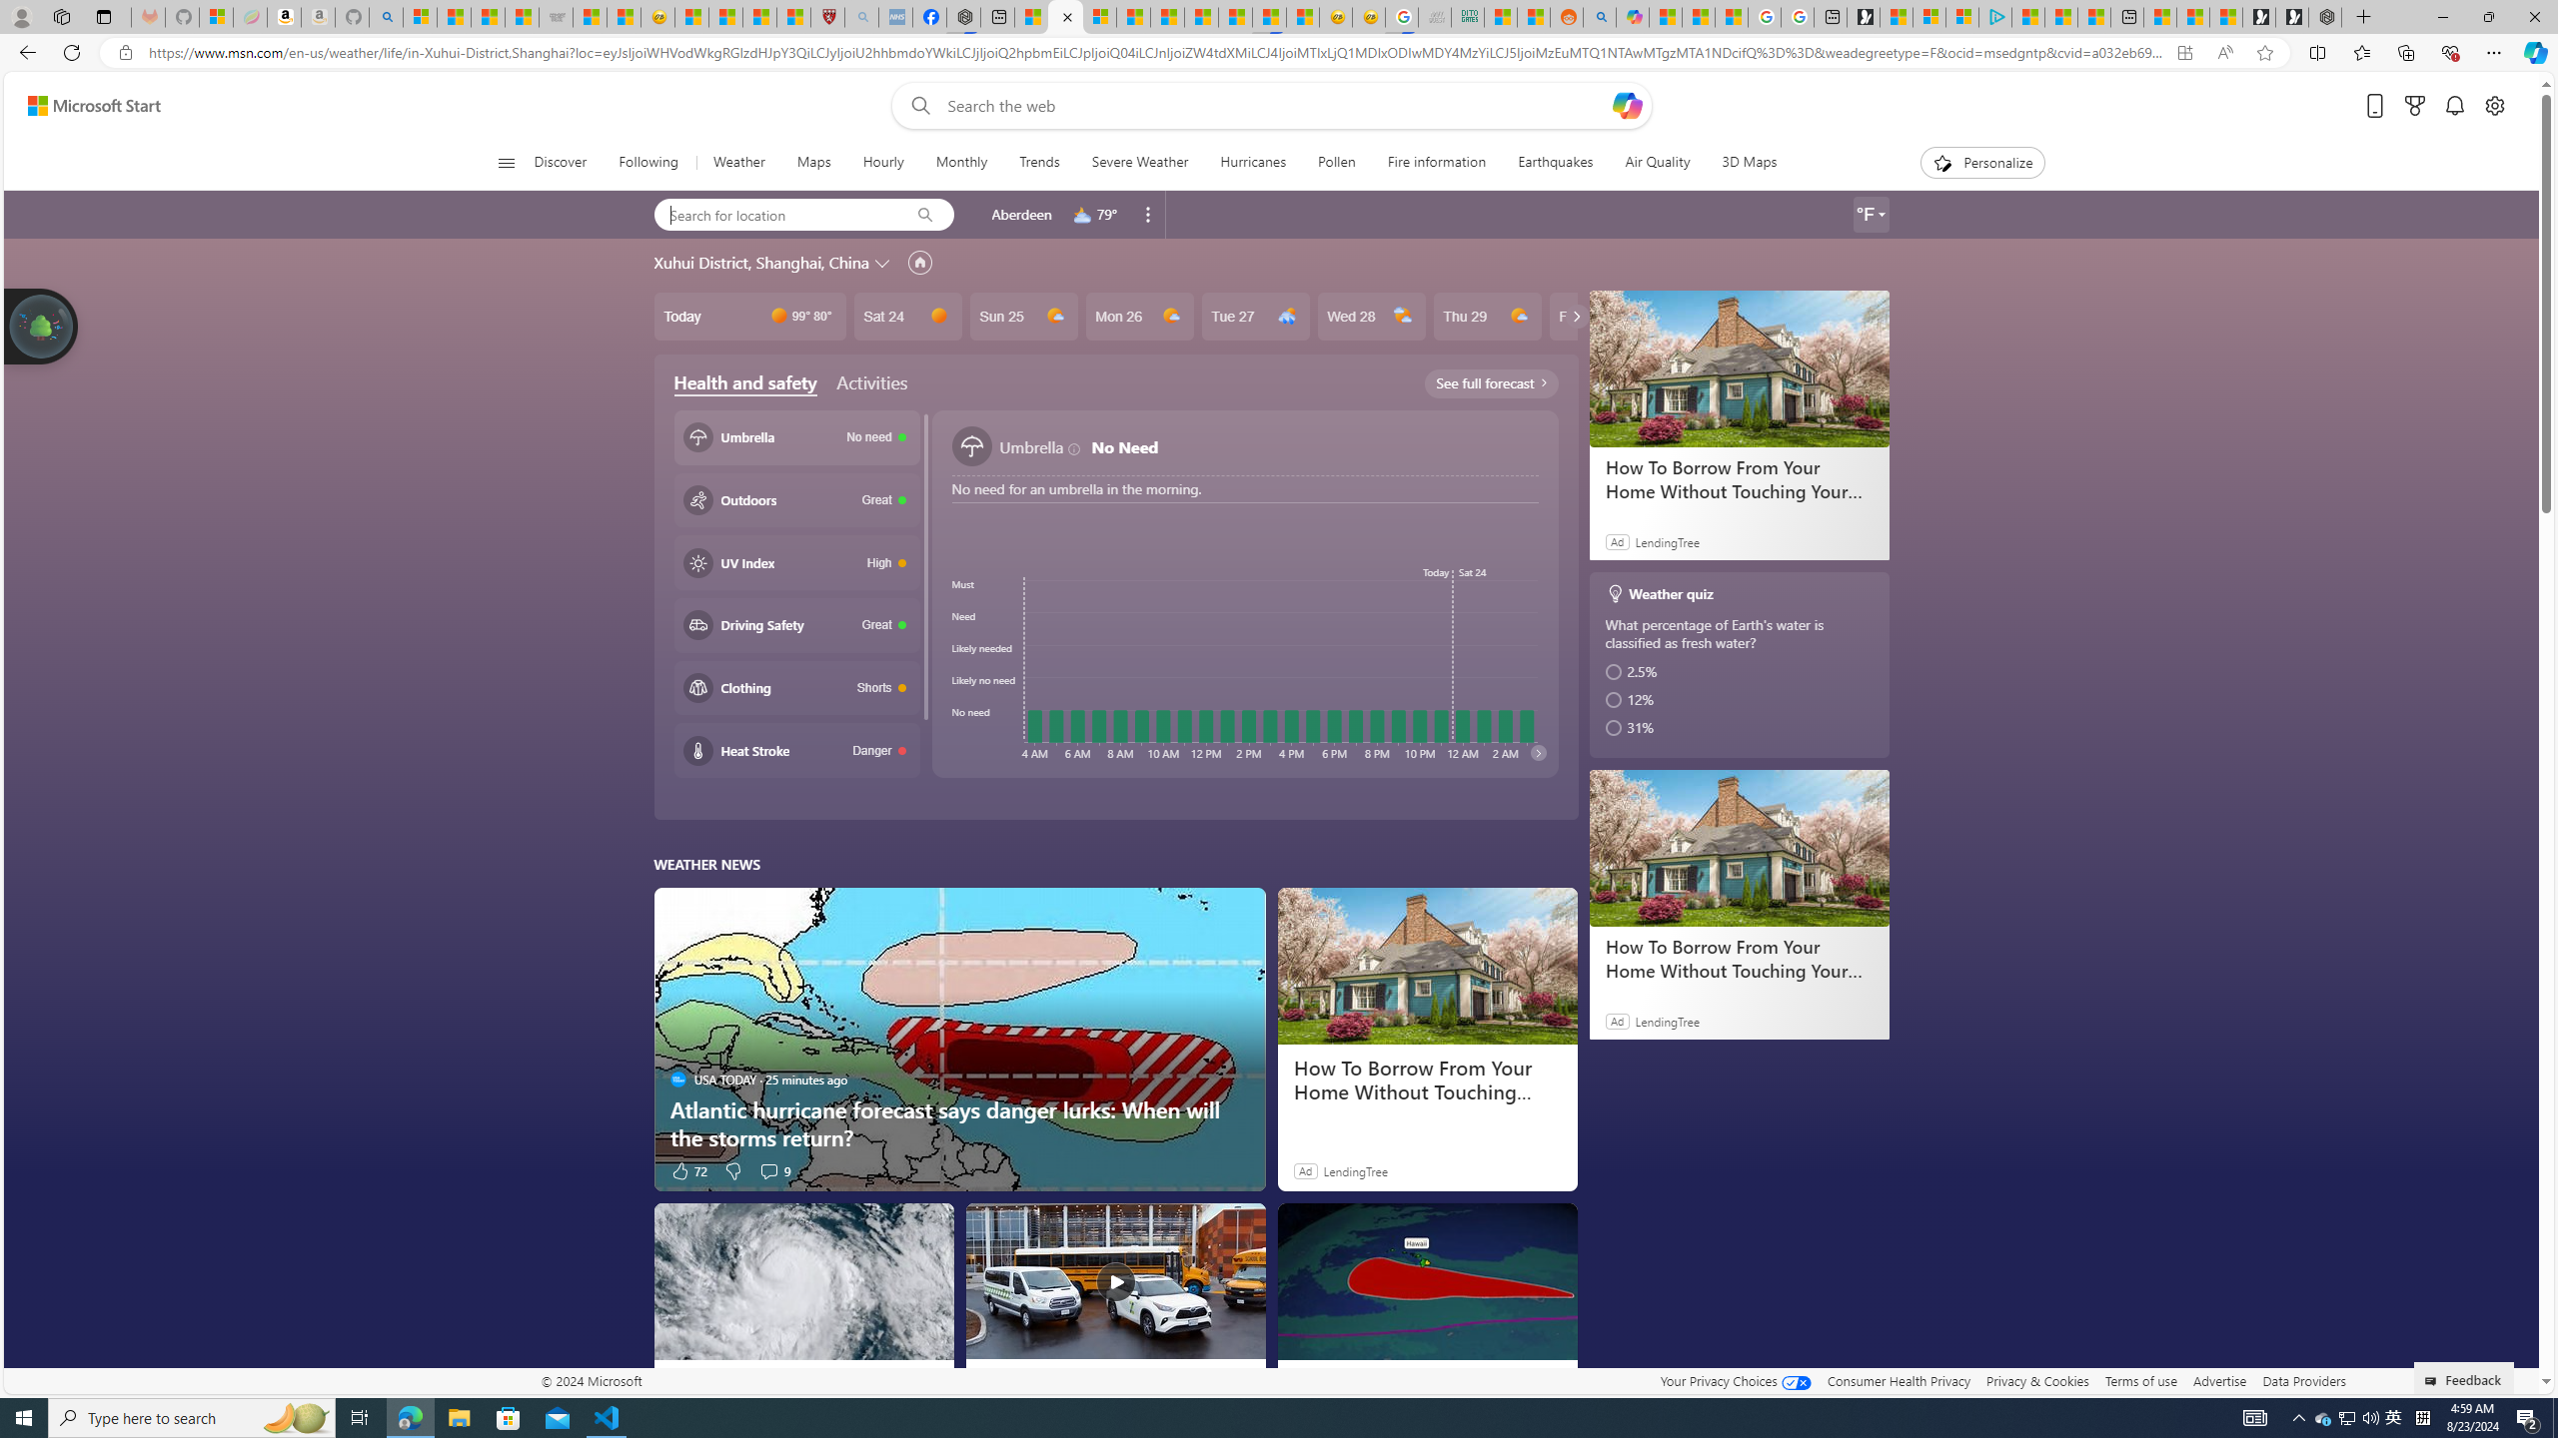 Image resolution: width=2558 pixels, height=1438 pixels. What do you see at coordinates (1749, 162) in the screenshot?
I see `'3D Maps'` at bounding box center [1749, 162].